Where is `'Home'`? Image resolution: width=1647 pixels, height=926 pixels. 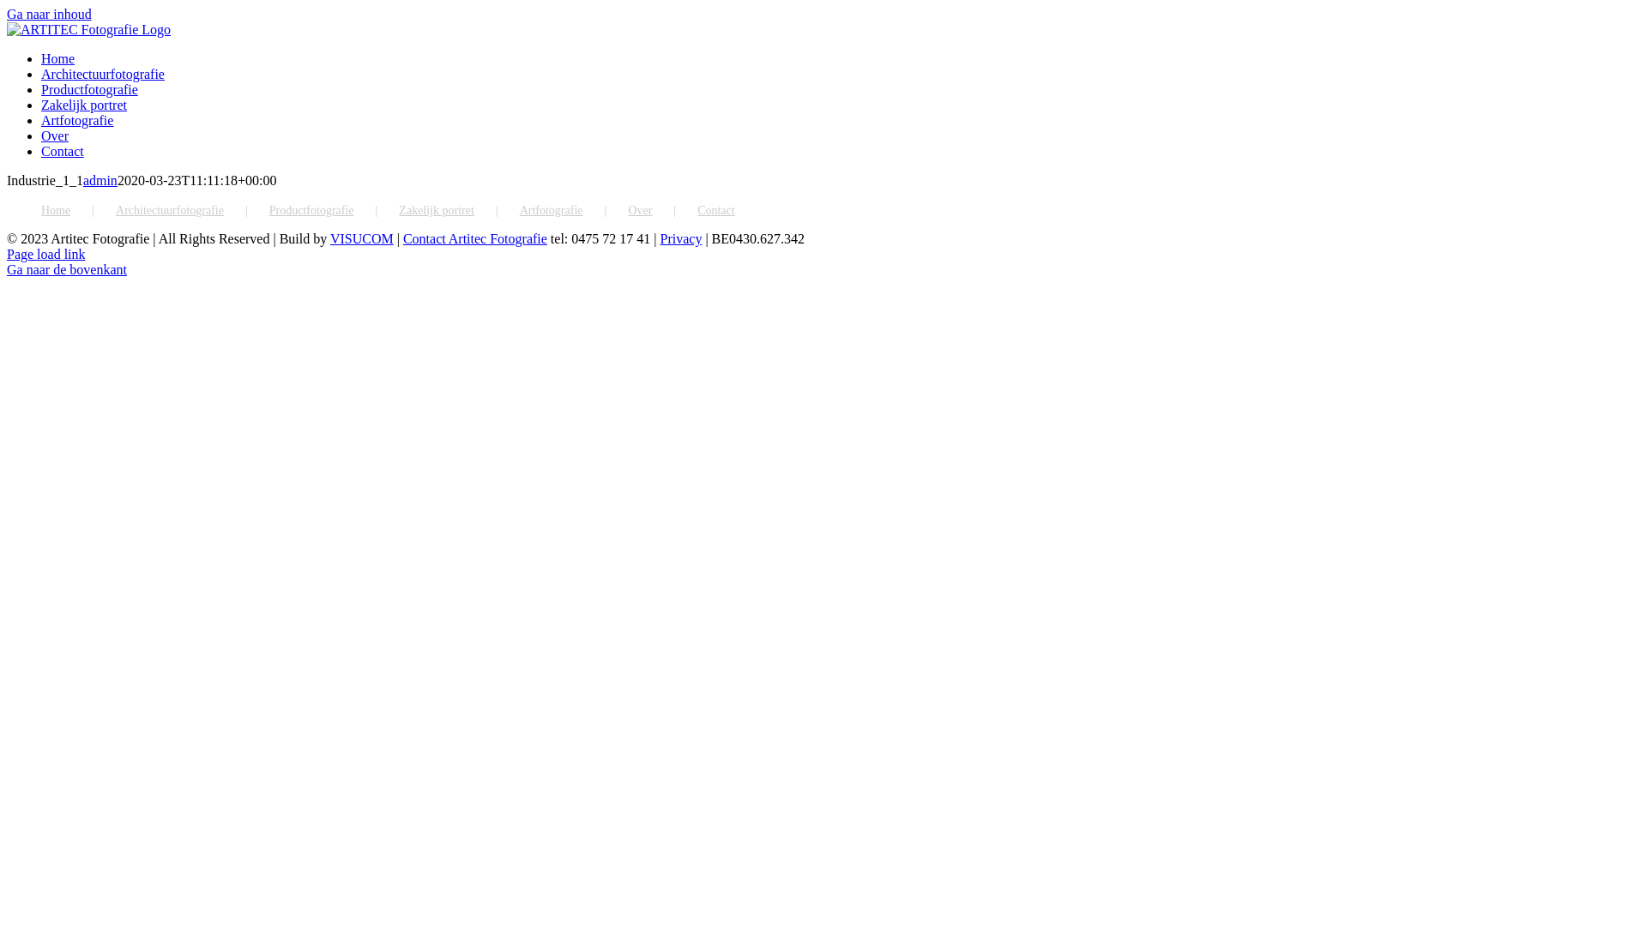 'Home' is located at coordinates (57, 57).